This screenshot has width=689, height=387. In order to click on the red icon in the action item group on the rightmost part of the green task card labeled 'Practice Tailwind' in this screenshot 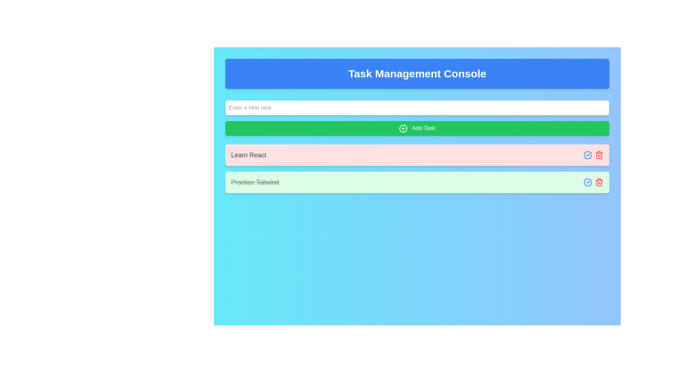, I will do `click(594, 182)`.